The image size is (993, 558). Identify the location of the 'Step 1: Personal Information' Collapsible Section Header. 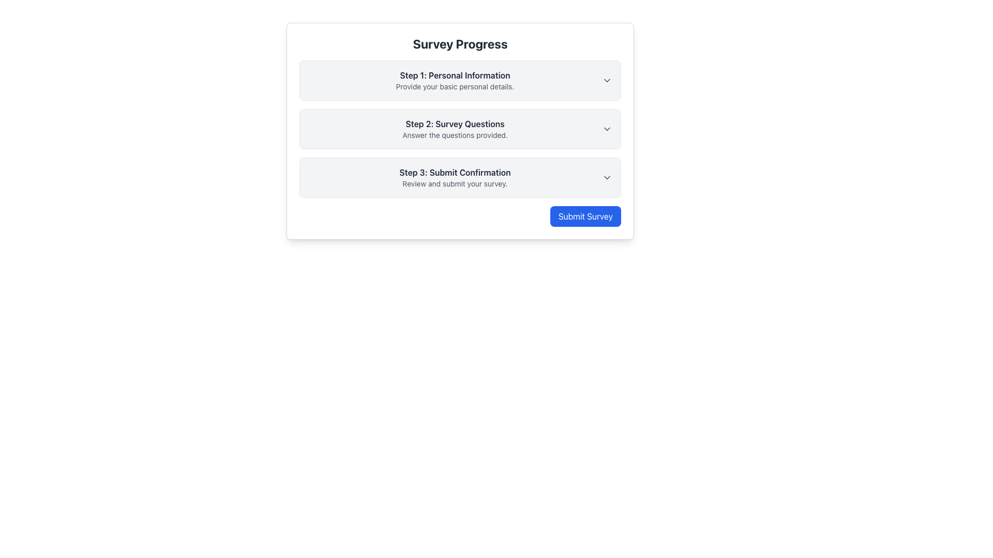
(459, 80).